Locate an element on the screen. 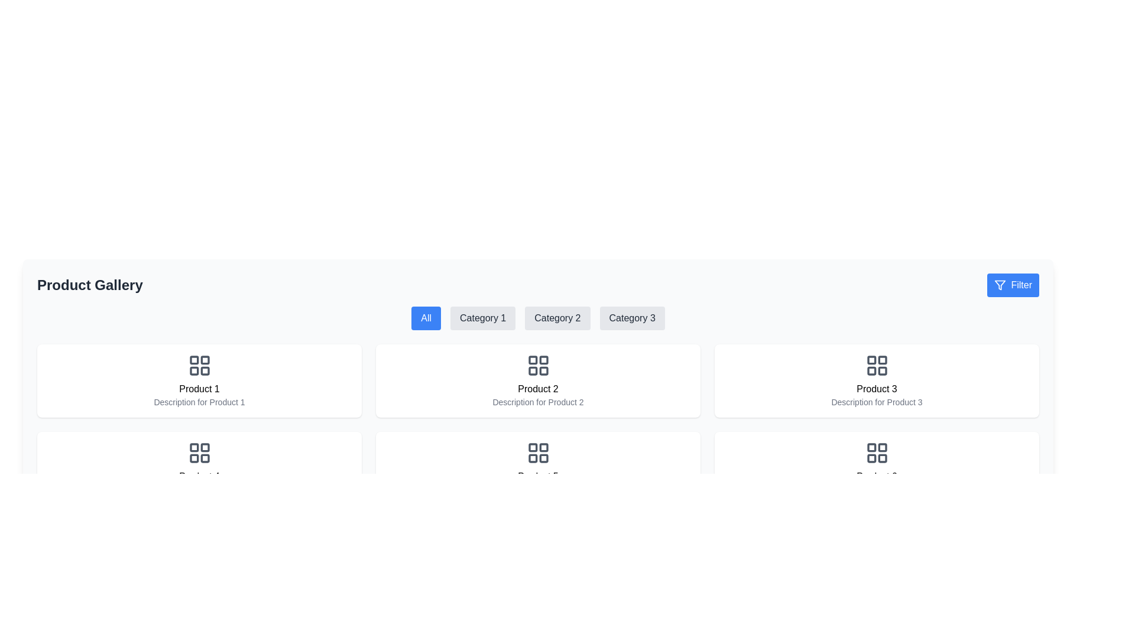 Image resolution: width=1135 pixels, height=638 pixels. the bottom-left rounded square icon within the 2x2 grid representing 'Product 5' is located at coordinates (532, 458).